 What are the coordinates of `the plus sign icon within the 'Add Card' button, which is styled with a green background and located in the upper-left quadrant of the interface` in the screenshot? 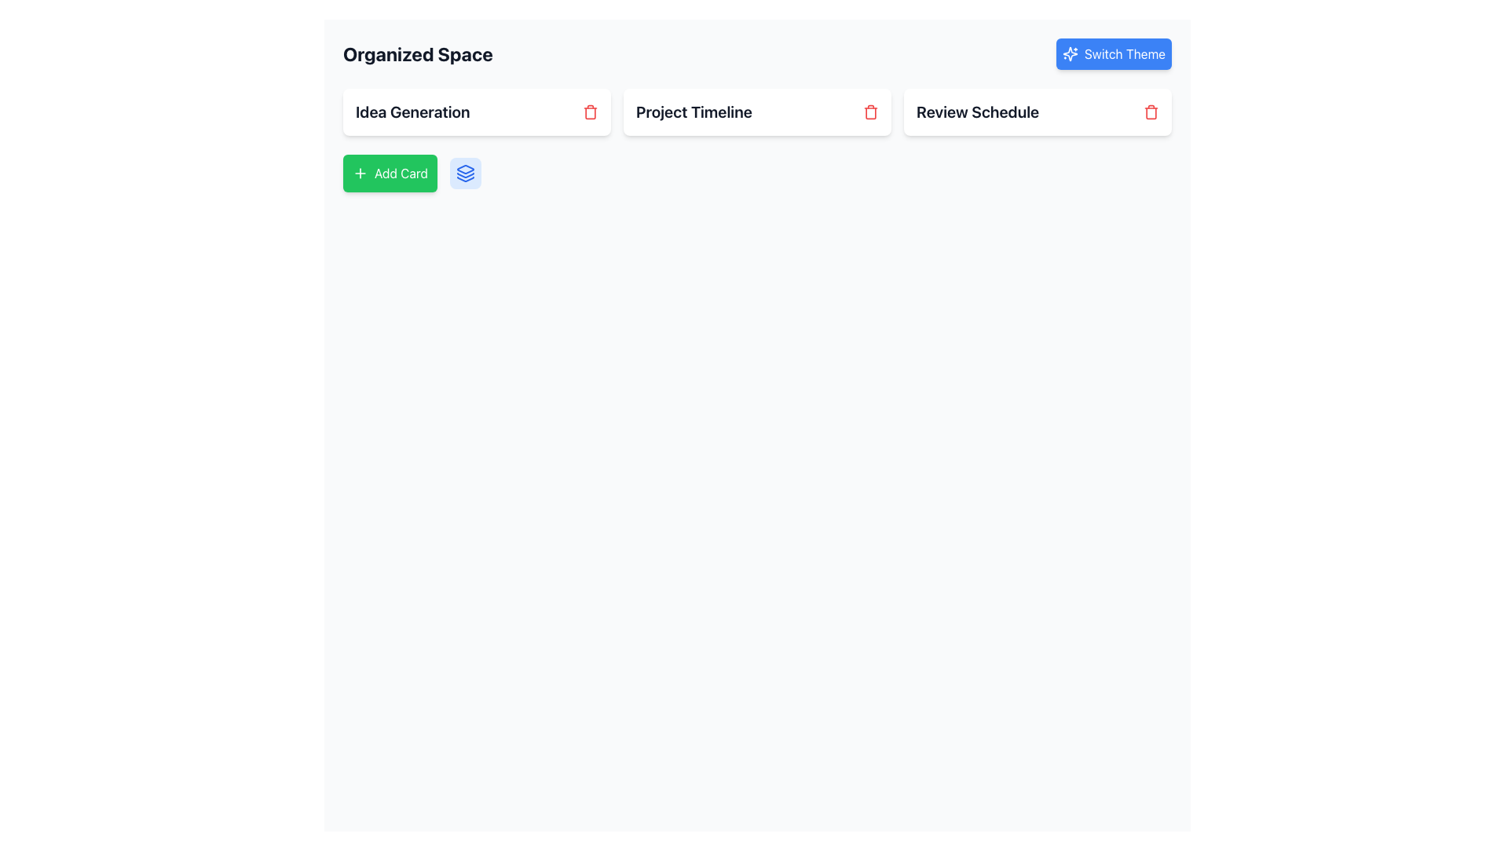 It's located at (360, 173).